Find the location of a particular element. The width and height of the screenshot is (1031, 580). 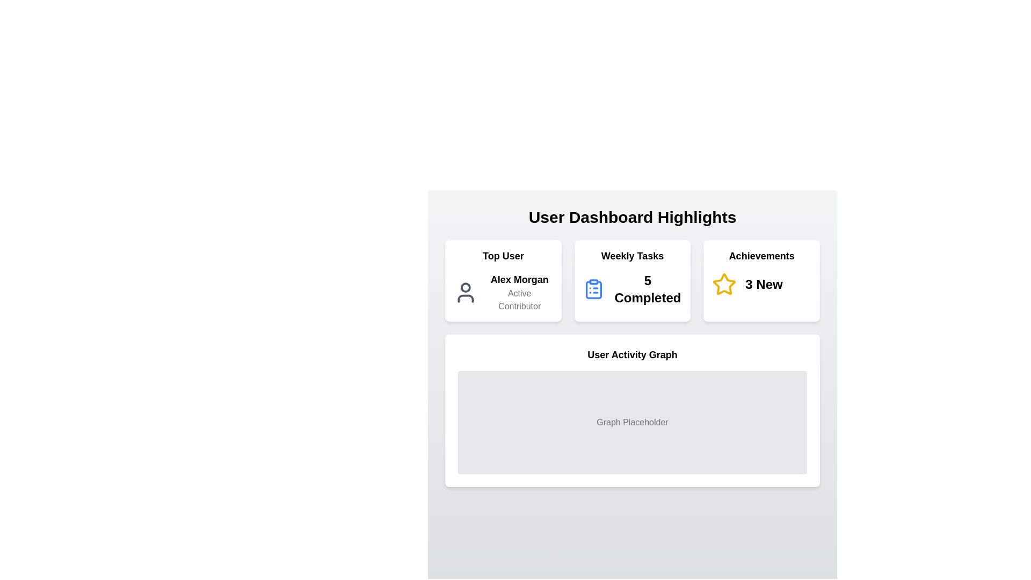

displayed user information from the profile card located in the 'Top User' section, positioned towards the top-left quadrant of the application interface is located at coordinates (503, 292).